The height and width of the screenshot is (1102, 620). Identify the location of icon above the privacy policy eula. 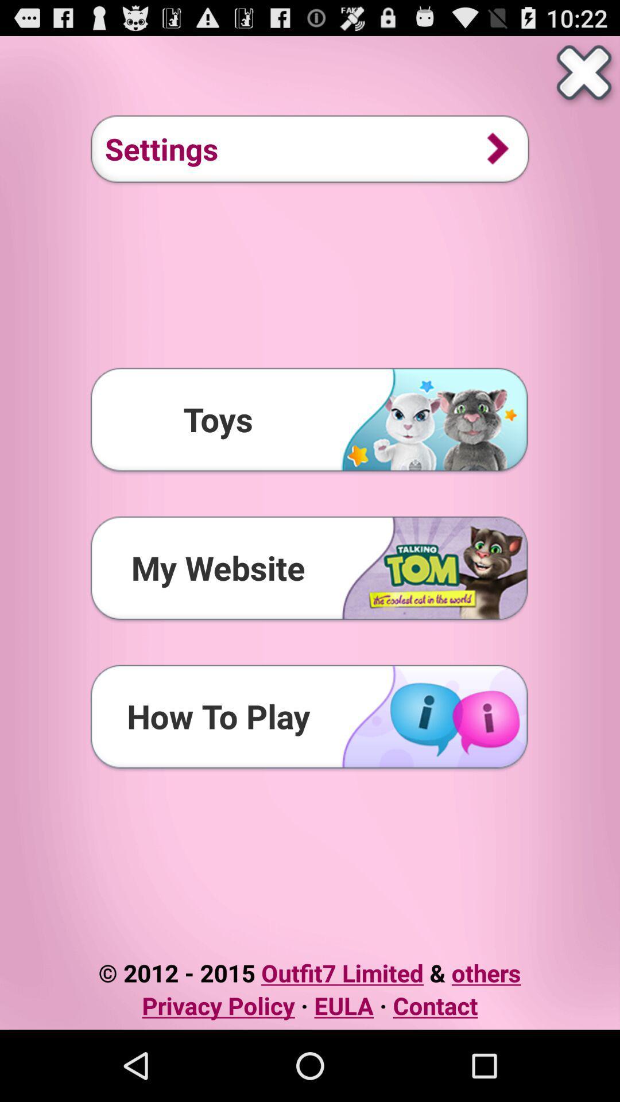
(309, 972).